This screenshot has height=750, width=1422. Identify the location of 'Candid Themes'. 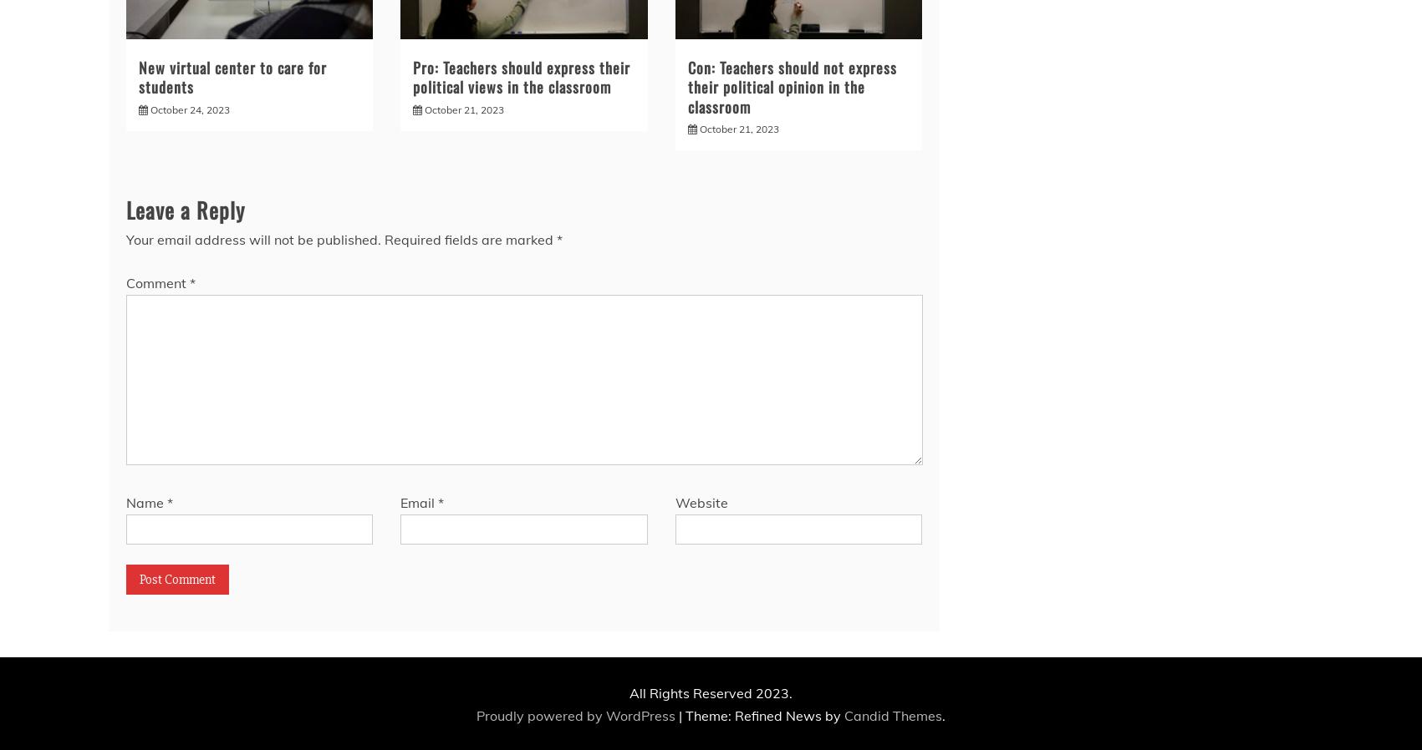
(844, 715).